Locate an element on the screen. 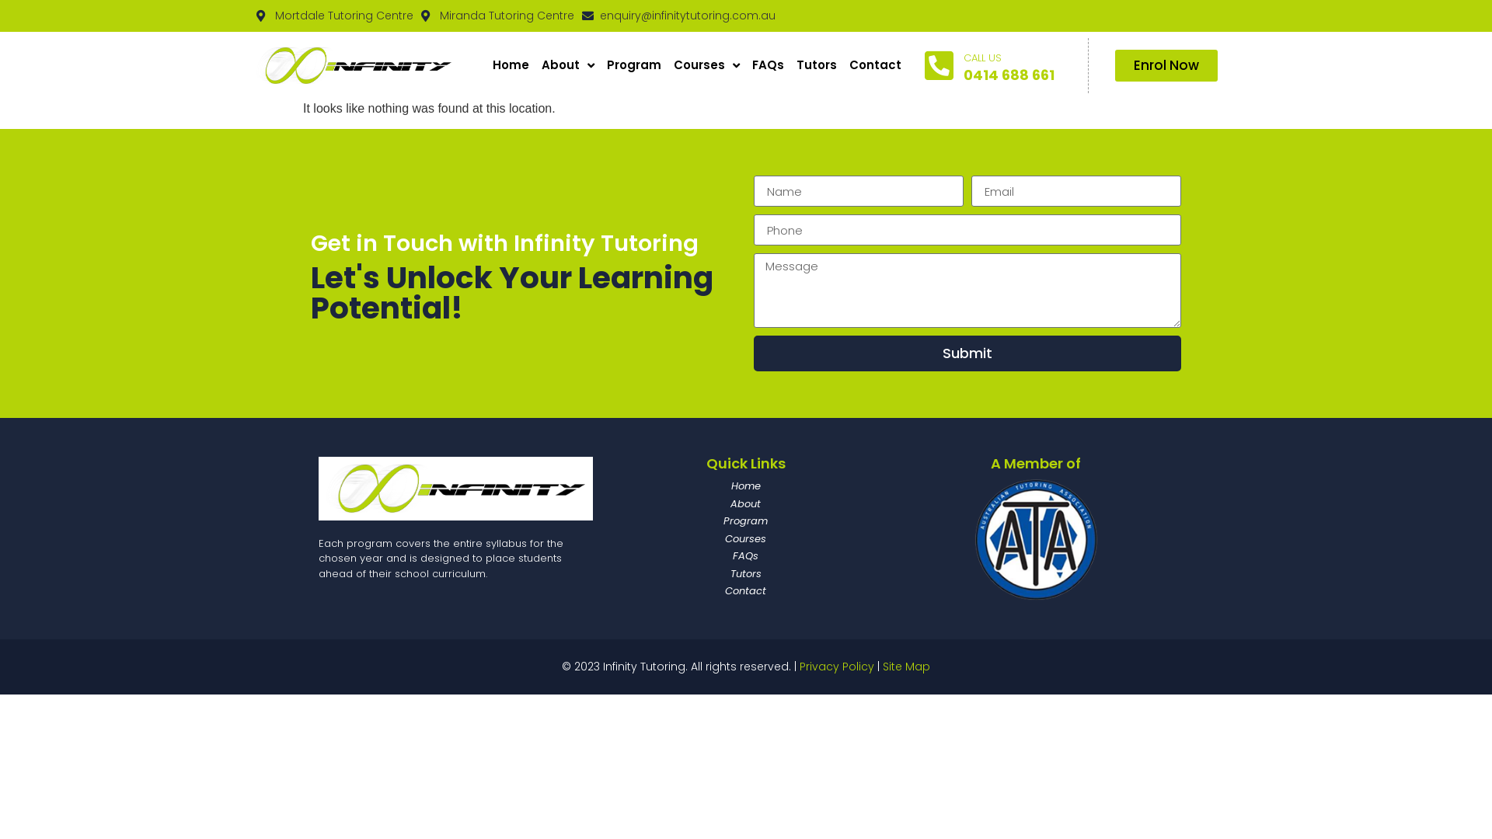  'Submit' is located at coordinates (966, 353).